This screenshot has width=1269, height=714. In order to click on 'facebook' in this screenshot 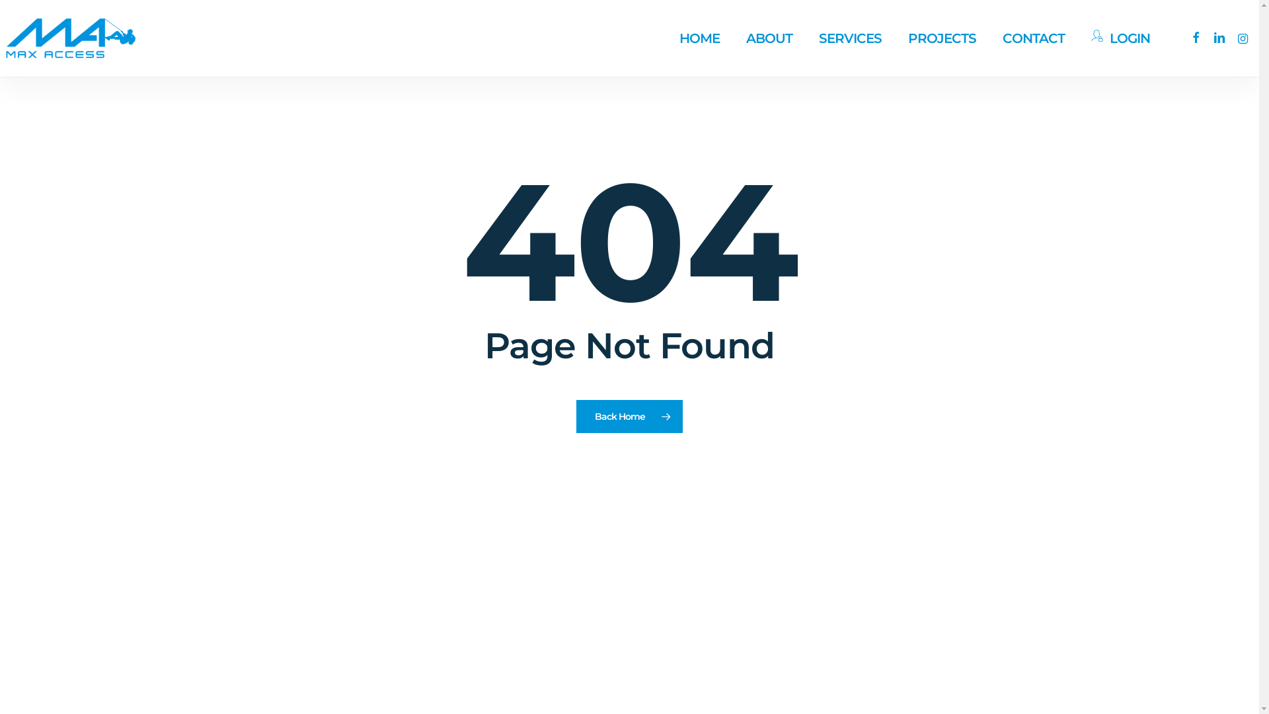, I will do `click(1183, 37)`.